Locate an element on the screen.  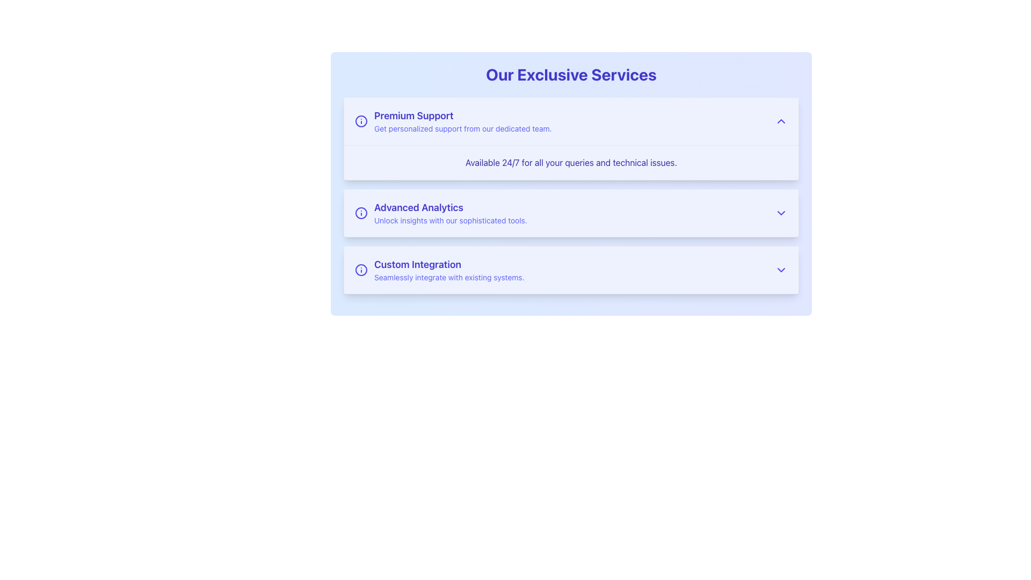
the third list item titled 'Custom Integration' which has an information icon on the left is located at coordinates (439, 269).